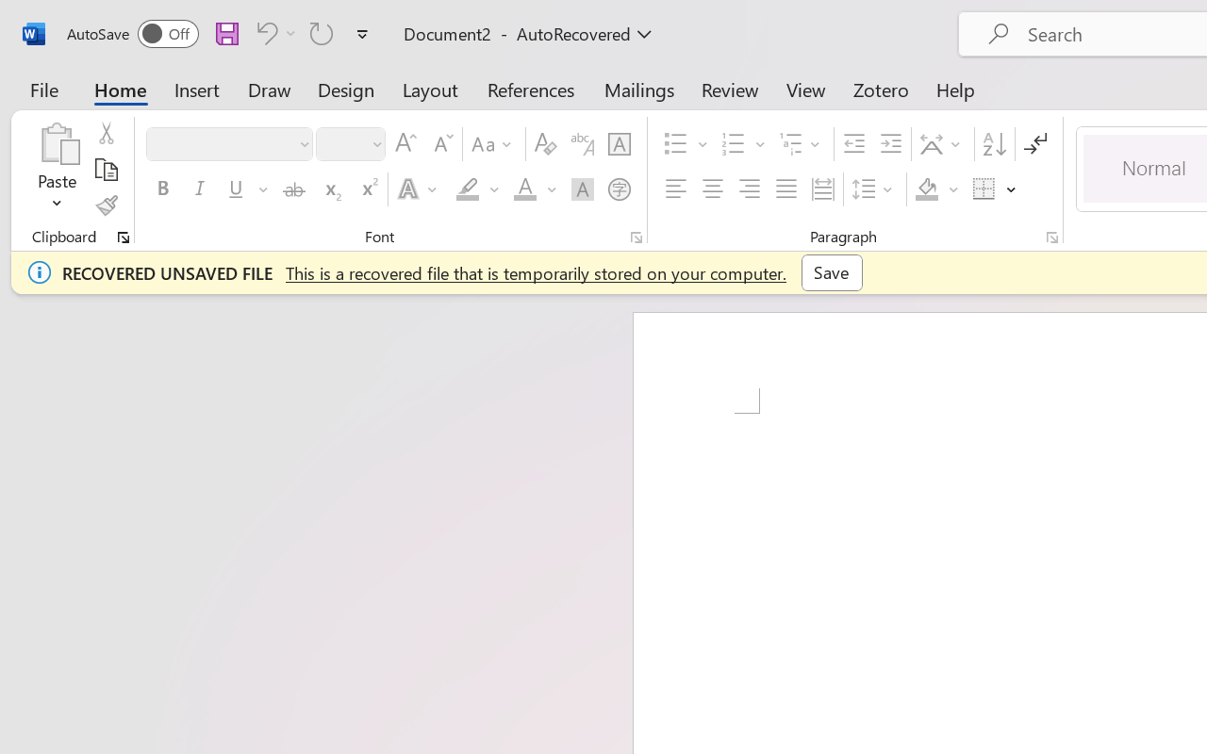  I want to click on 'Phonetic Guide...', so click(582, 144).